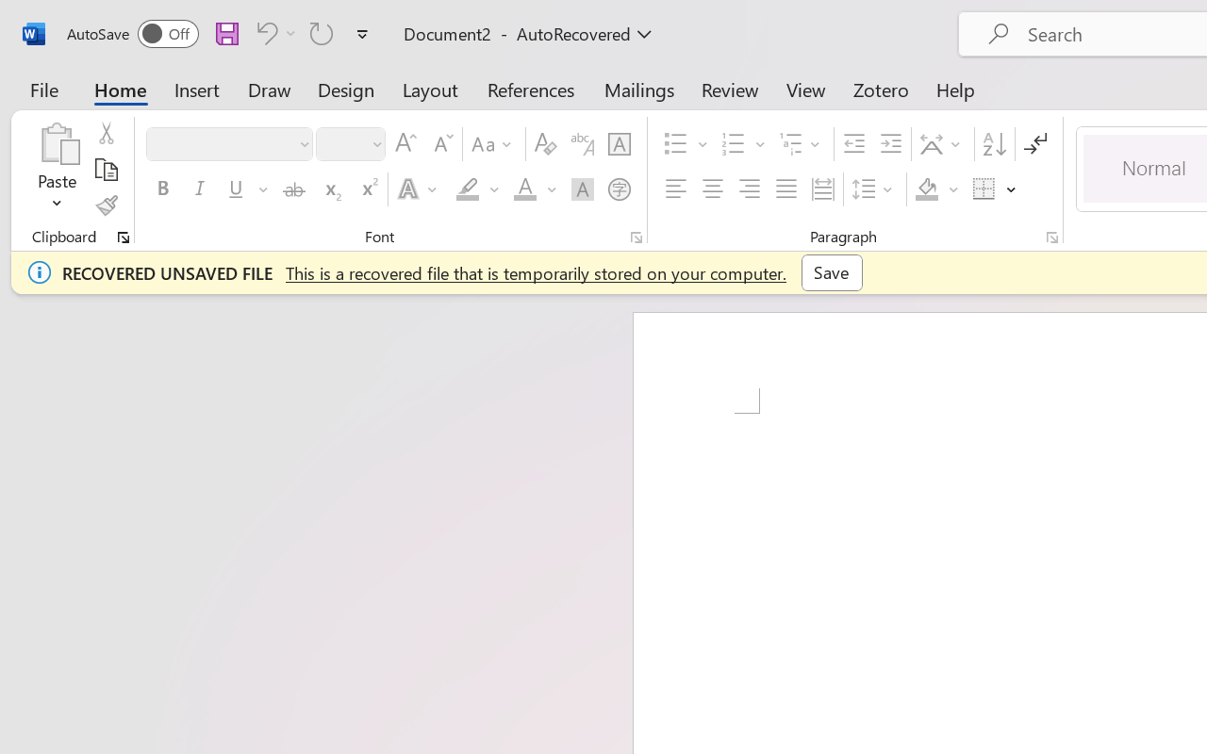  I want to click on 'Phonetic Guide...', so click(582, 144).